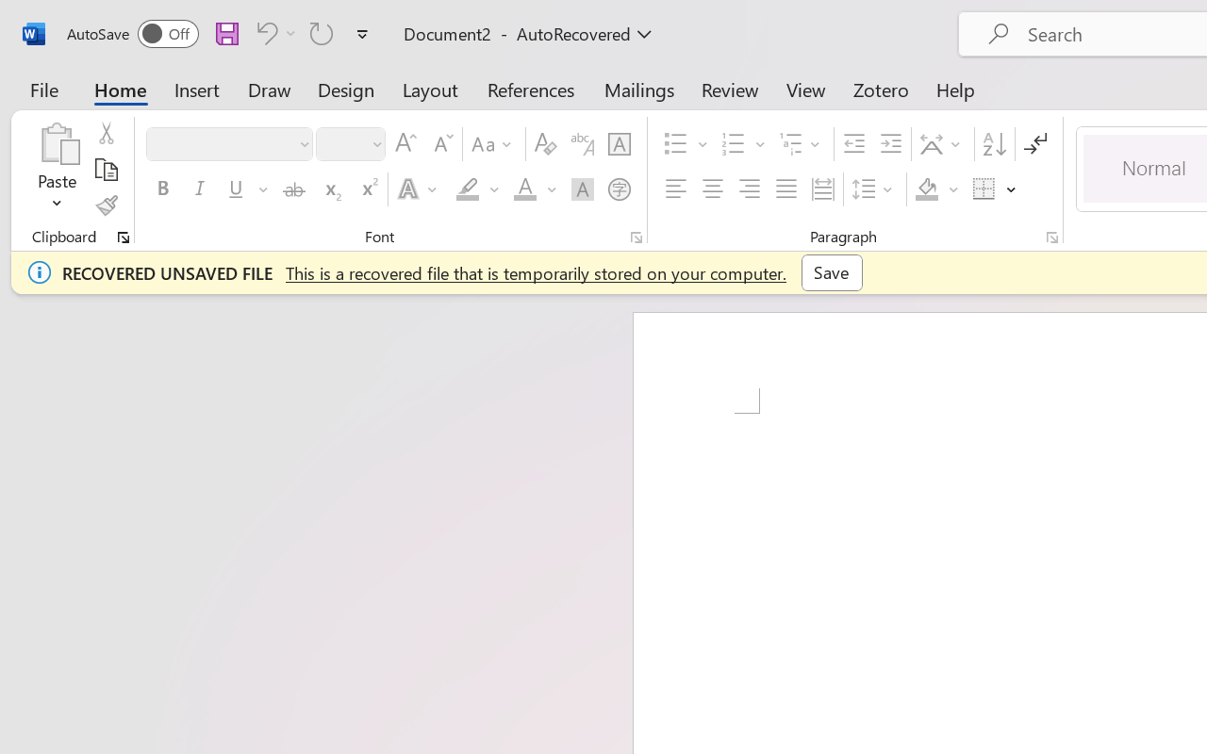  I want to click on 'Phonetic Guide...', so click(582, 144).